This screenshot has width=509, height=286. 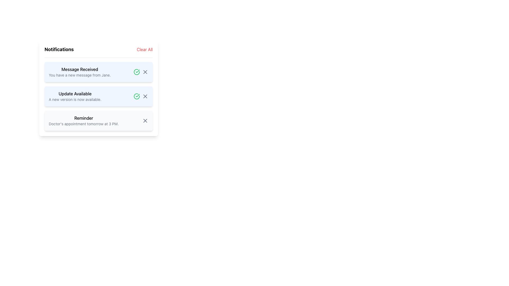 What do you see at coordinates (145, 120) in the screenshot?
I see `the dismiss button on the rightmost side of the notification card titled 'Reminder'` at bounding box center [145, 120].